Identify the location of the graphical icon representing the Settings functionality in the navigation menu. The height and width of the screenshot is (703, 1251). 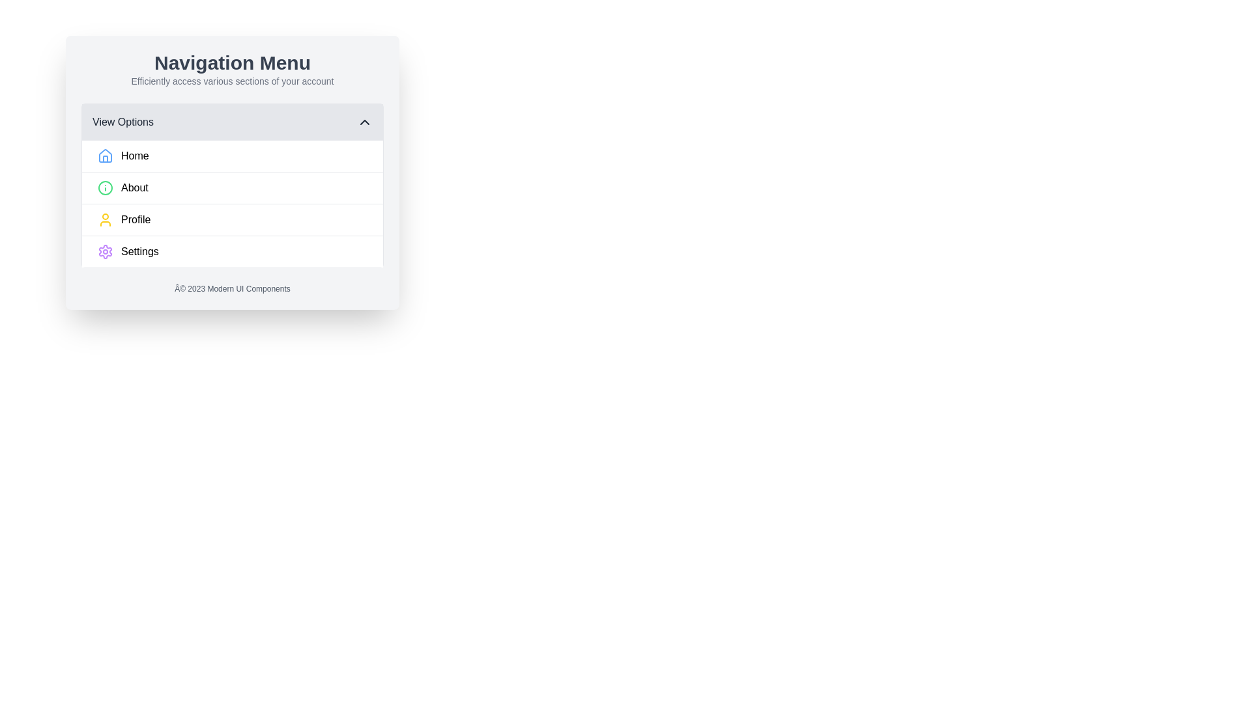
(106, 251).